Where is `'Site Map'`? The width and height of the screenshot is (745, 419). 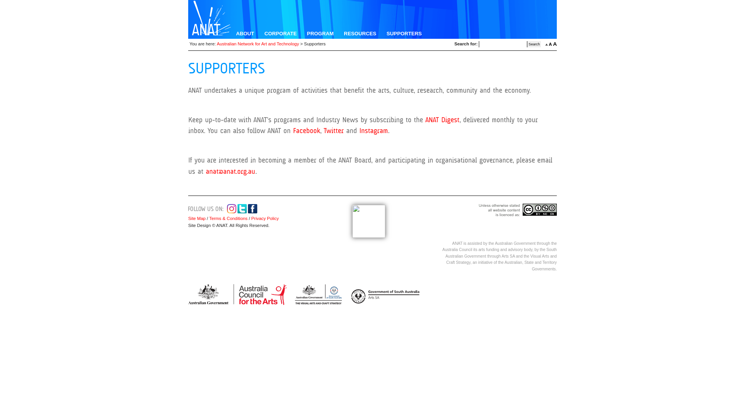
'Site Map' is located at coordinates (197, 218).